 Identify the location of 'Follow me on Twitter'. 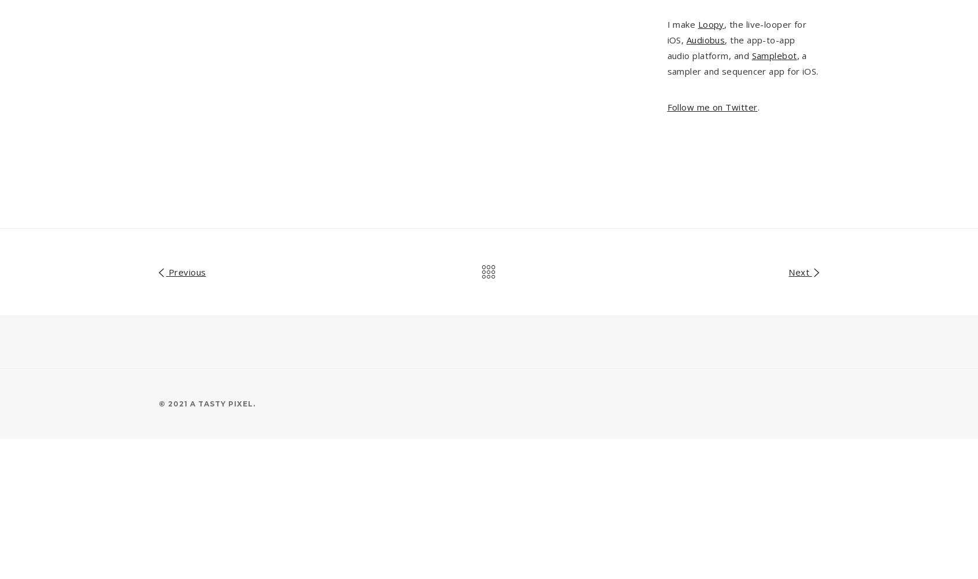
(712, 107).